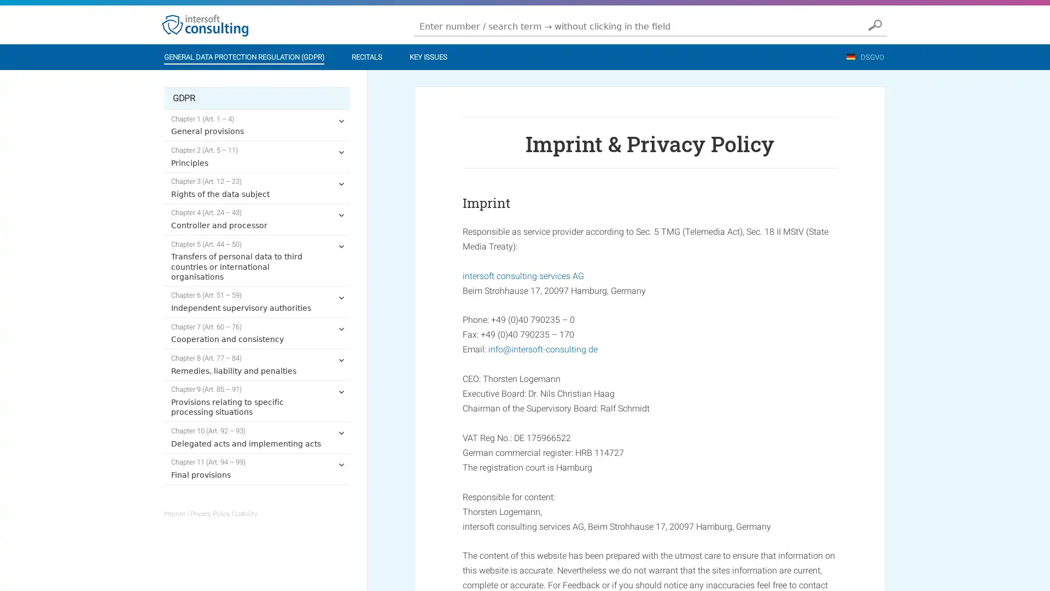 This screenshot has height=591, width=1050. I want to click on expand child menu, so click(341, 215).